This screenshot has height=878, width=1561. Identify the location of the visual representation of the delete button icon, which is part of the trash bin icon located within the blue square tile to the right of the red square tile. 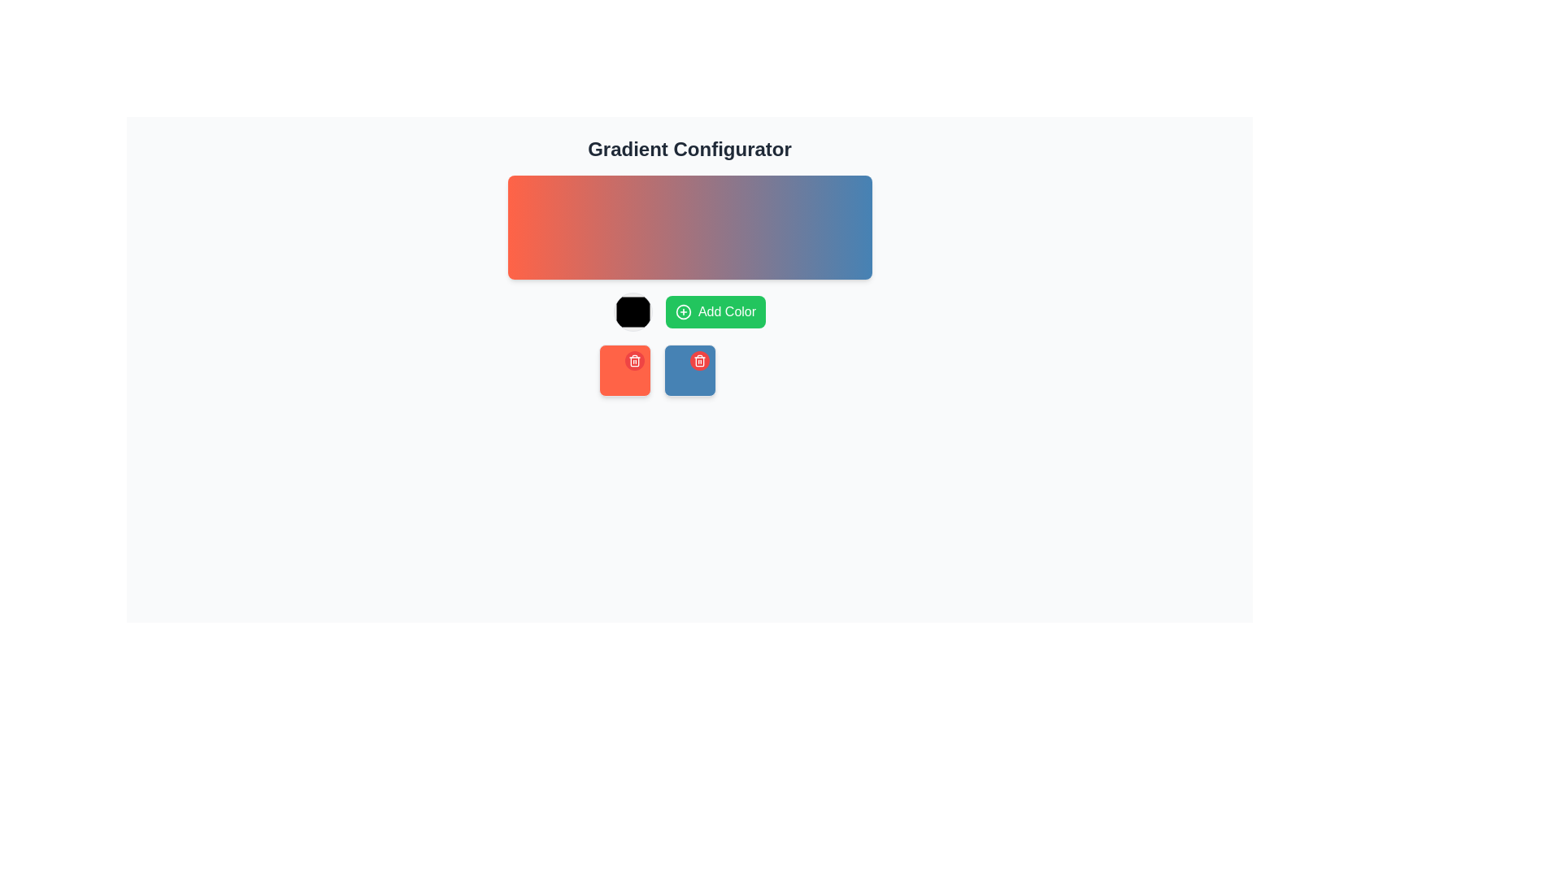
(633, 361).